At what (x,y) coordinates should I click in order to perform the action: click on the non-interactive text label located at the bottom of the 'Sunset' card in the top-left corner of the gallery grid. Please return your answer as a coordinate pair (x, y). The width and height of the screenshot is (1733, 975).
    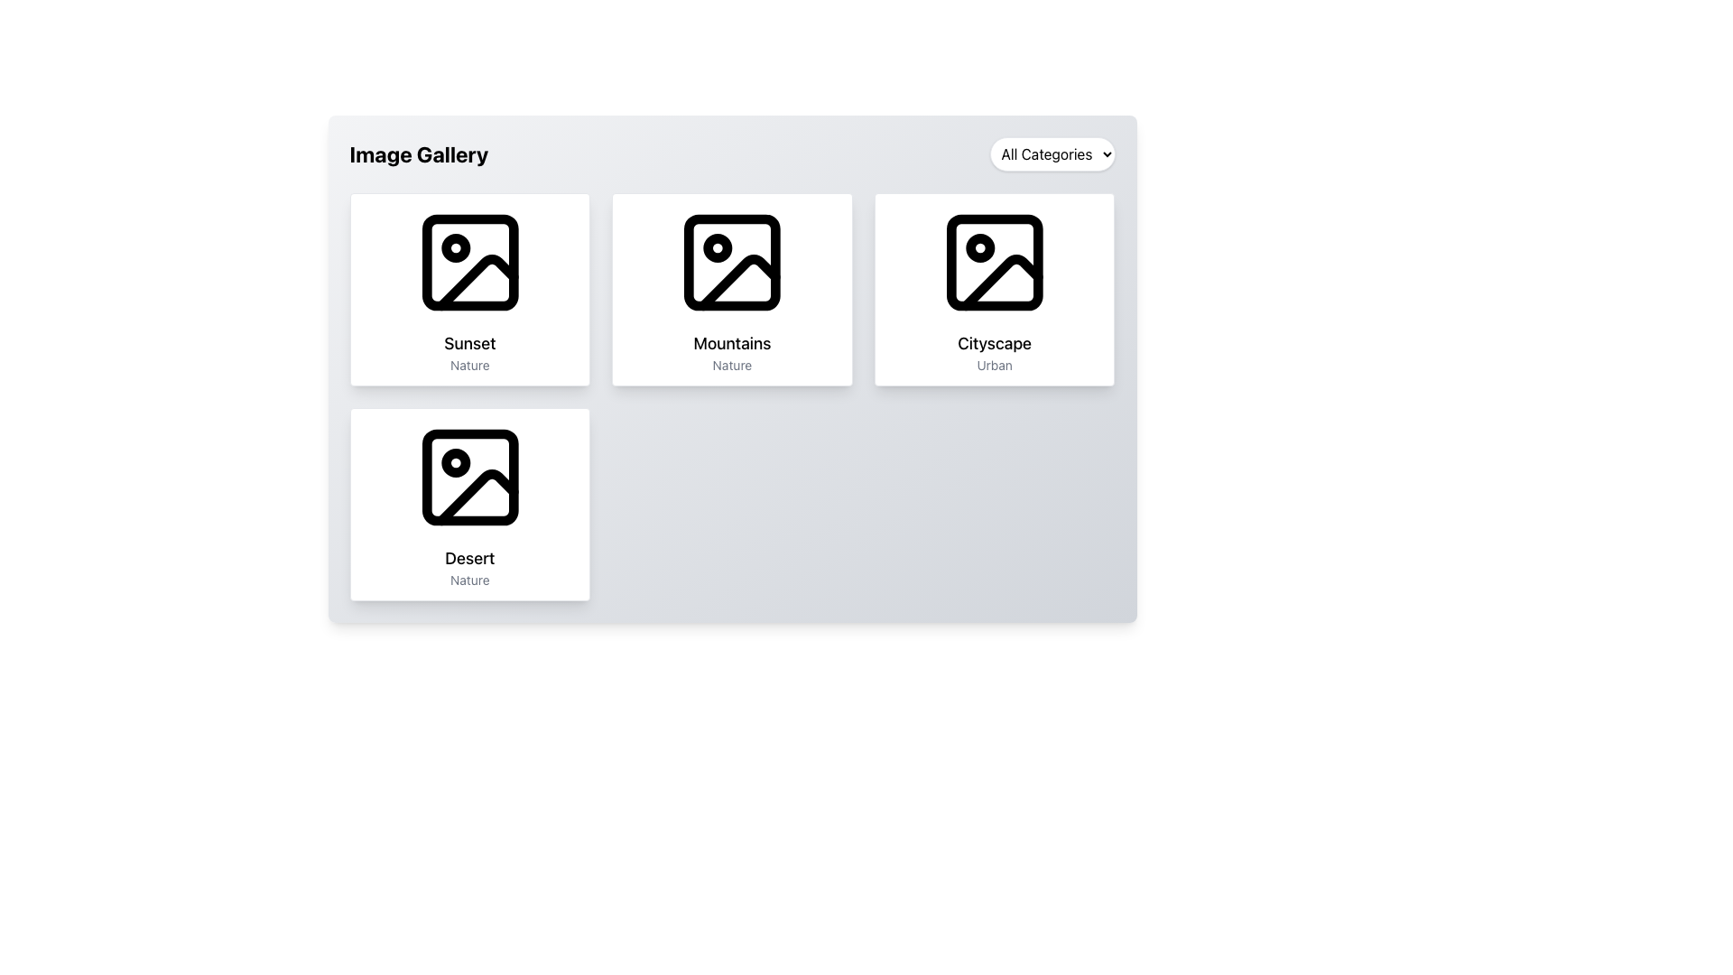
    Looking at the image, I should click on (469, 366).